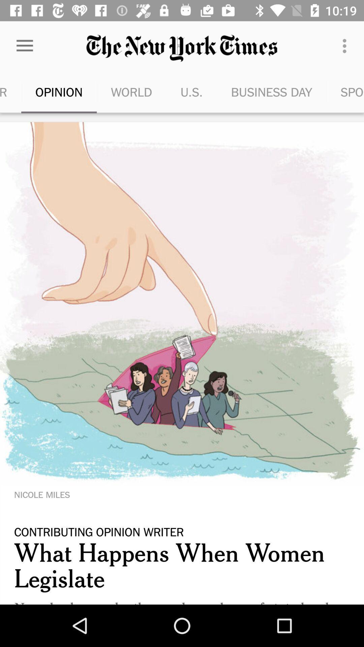 This screenshot has height=647, width=364. What do you see at coordinates (191, 92) in the screenshot?
I see `the u.s. item` at bounding box center [191, 92].